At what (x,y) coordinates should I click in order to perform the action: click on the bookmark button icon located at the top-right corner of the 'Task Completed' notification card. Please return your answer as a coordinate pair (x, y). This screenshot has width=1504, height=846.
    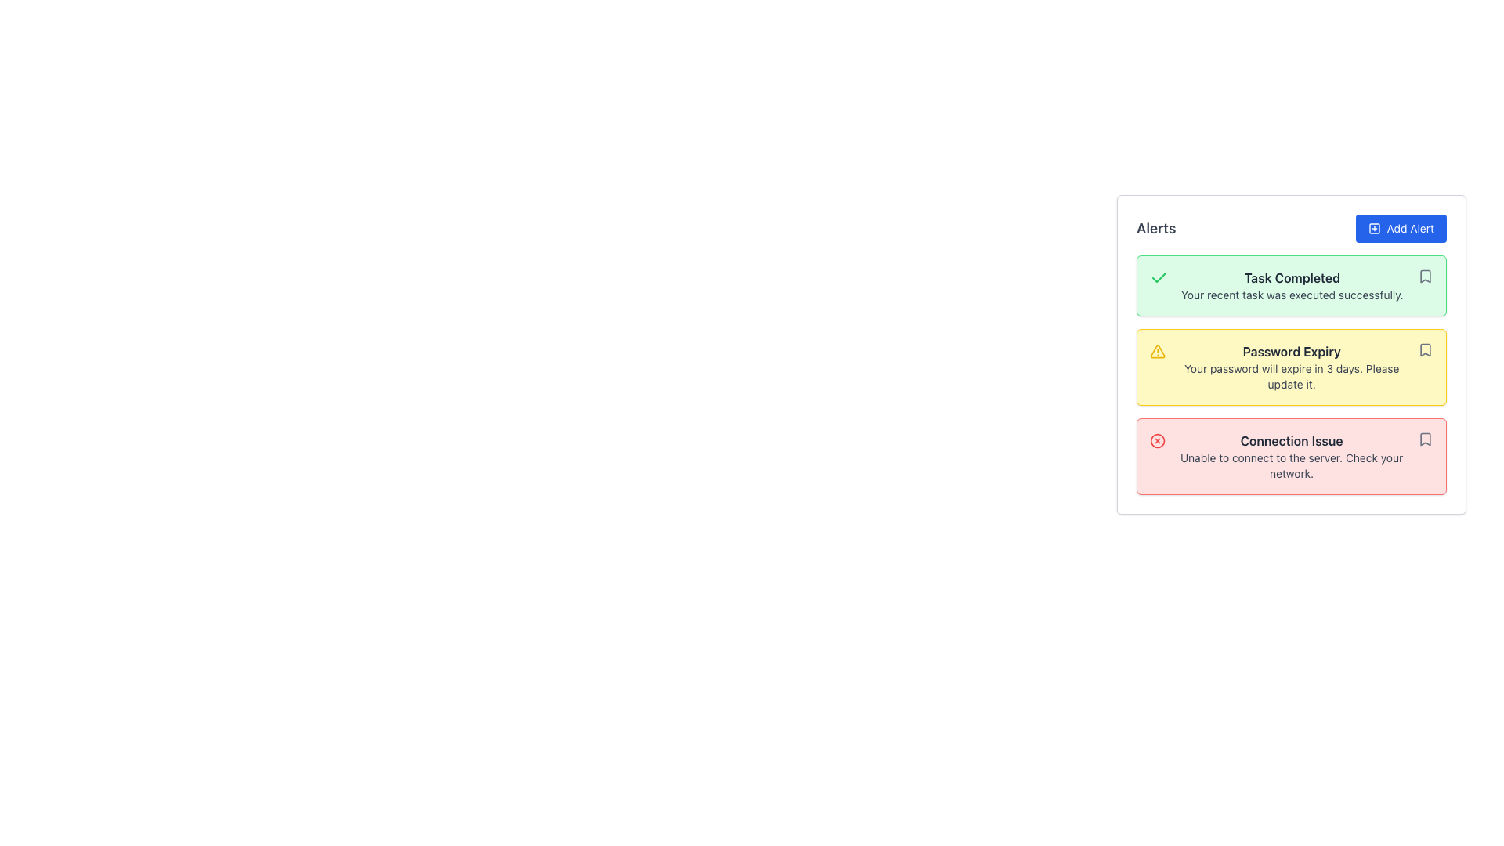
    Looking at the image, I should click on (1425, 276).